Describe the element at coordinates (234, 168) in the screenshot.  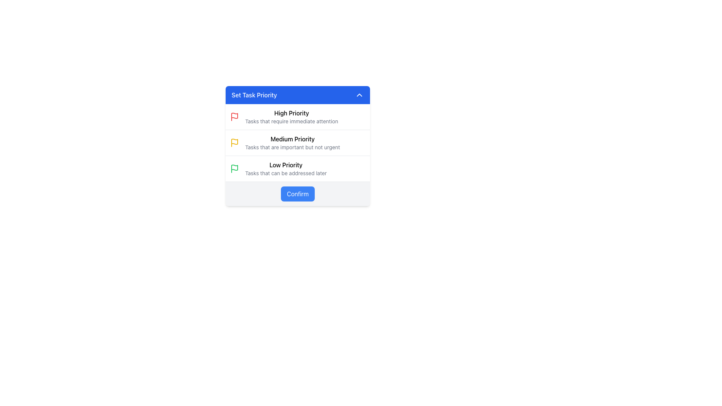
I see `the styling of the green flag icon located to the left of the 'Low Priority' text in the task priority list` at that location.